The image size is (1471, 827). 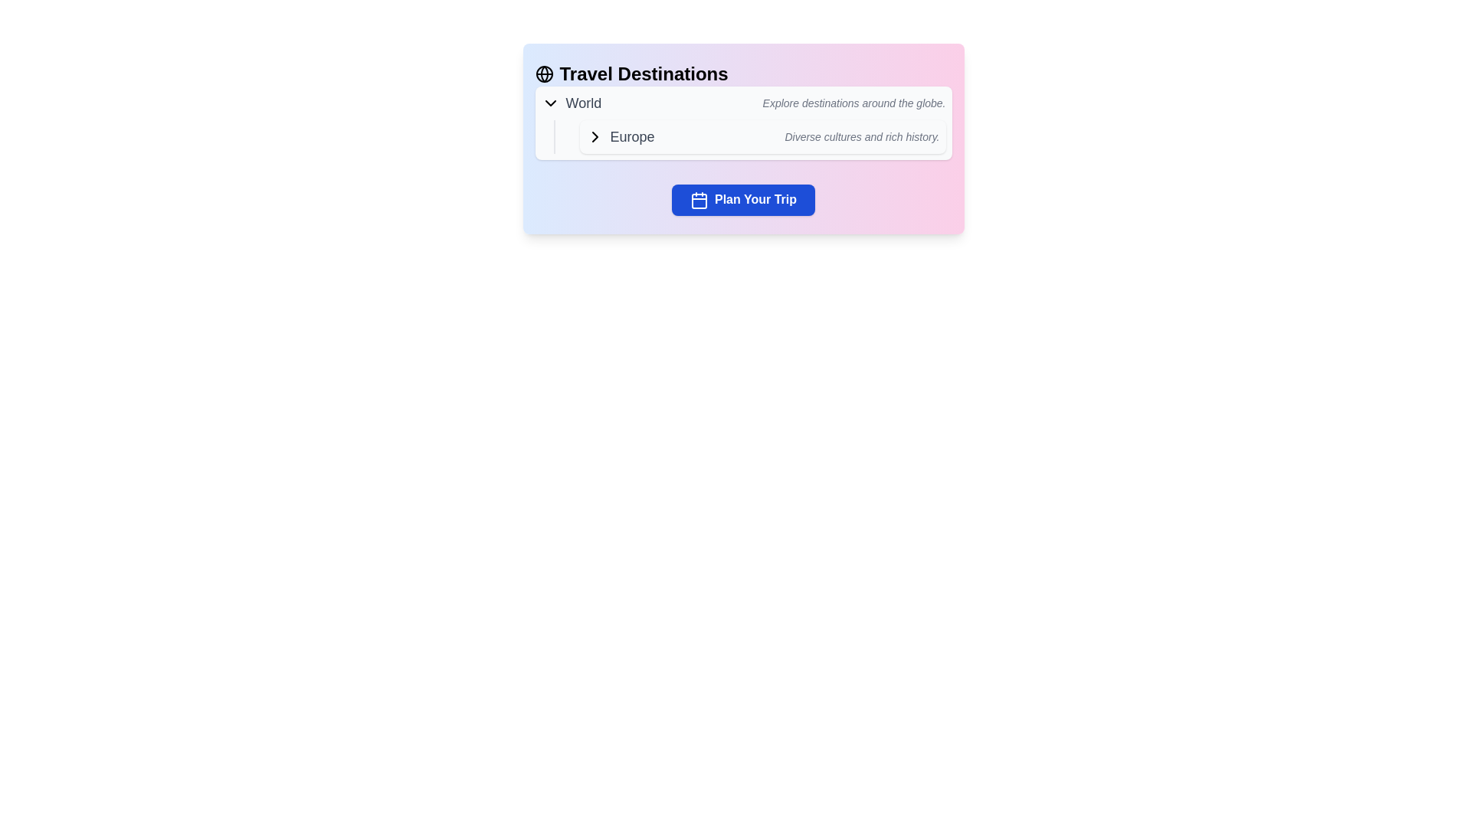 I want to click on the chevron icon located to the left of the 'World' text to observe potential styling changes, so click(x=550, y=103).